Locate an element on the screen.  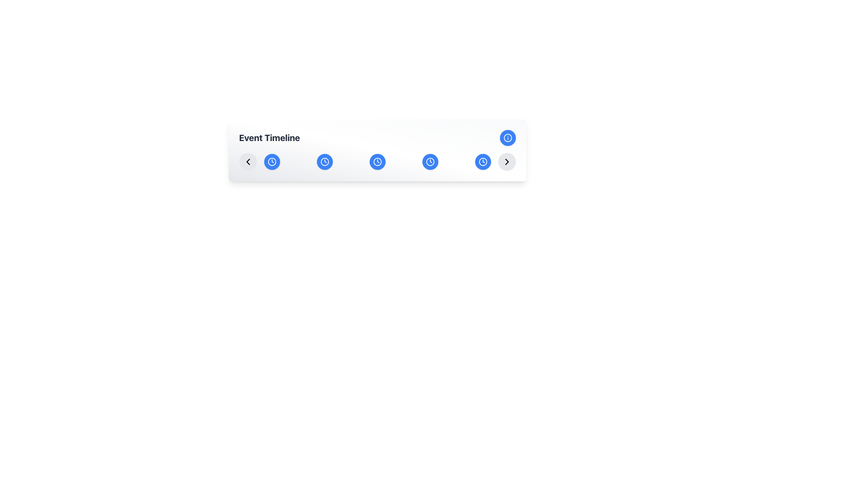
the visual design of the second circular icon with a blue outline and white center in the horizontal timeline interface, located slightly to the right of the 'Event Timeline' text is located at coordinates (324, 162).